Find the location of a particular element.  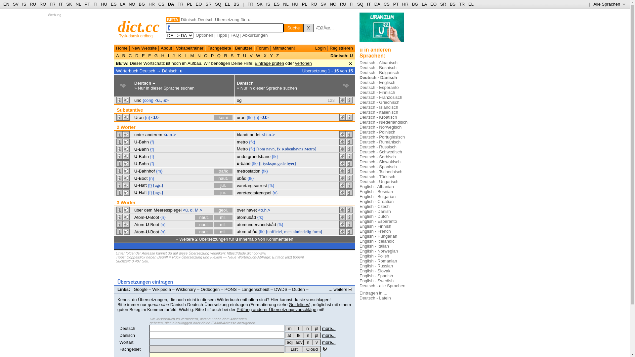

'Forum' is located at coordinates (262, 48).